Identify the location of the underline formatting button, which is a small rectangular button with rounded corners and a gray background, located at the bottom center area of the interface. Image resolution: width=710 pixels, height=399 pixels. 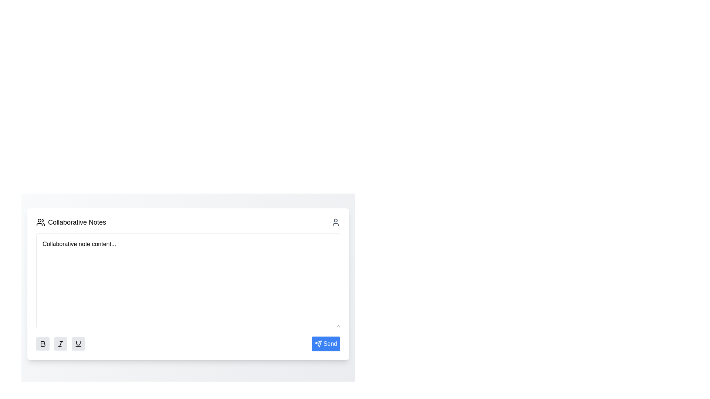
(78, 344).